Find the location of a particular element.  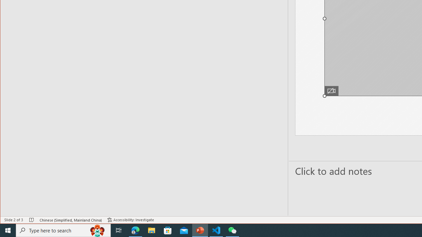

'Search highlights icon opens search home window' is located at coordinates (97, 230).